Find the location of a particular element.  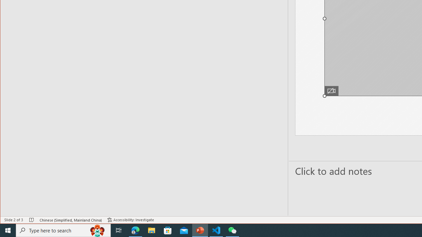

'Search highlights icon opens search home window' is located at coordinates (97, 230).